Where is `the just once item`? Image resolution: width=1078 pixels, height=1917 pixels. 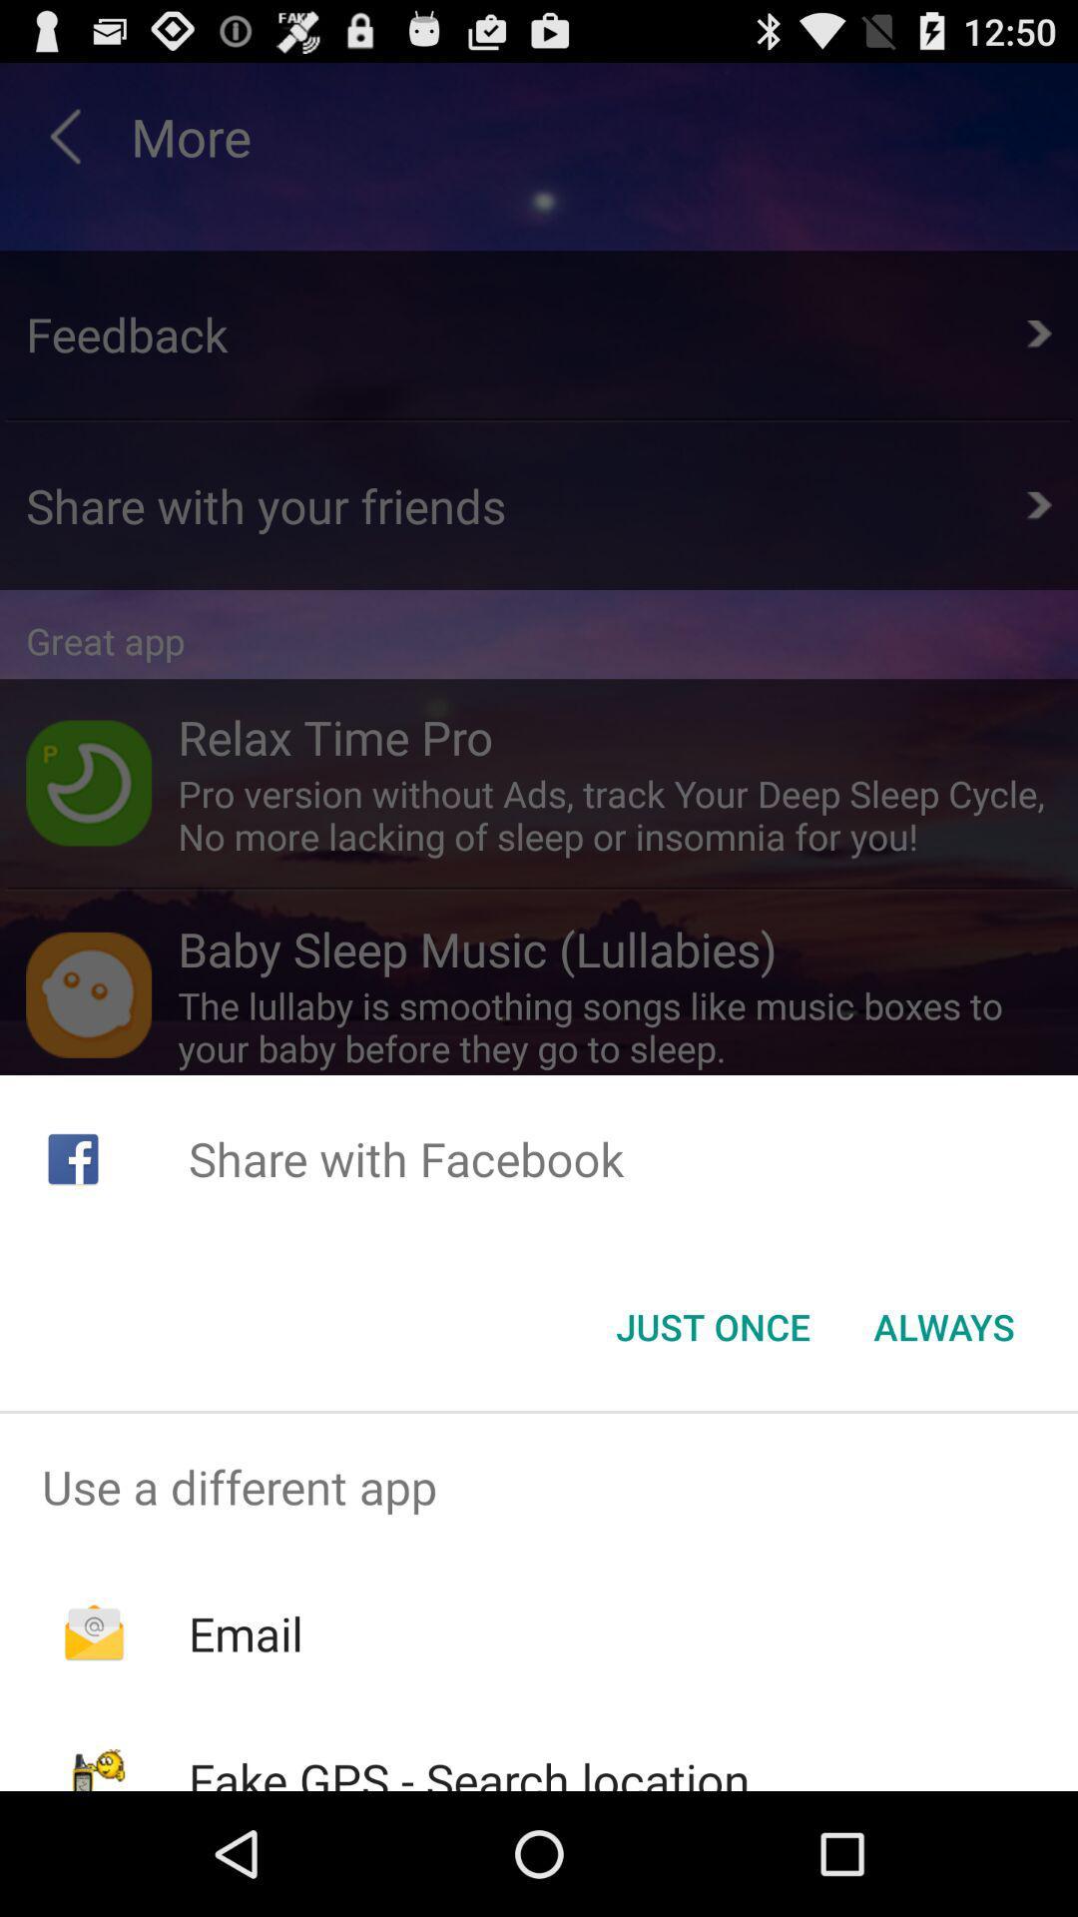
the just once item is located at coordinates (712, 1327).